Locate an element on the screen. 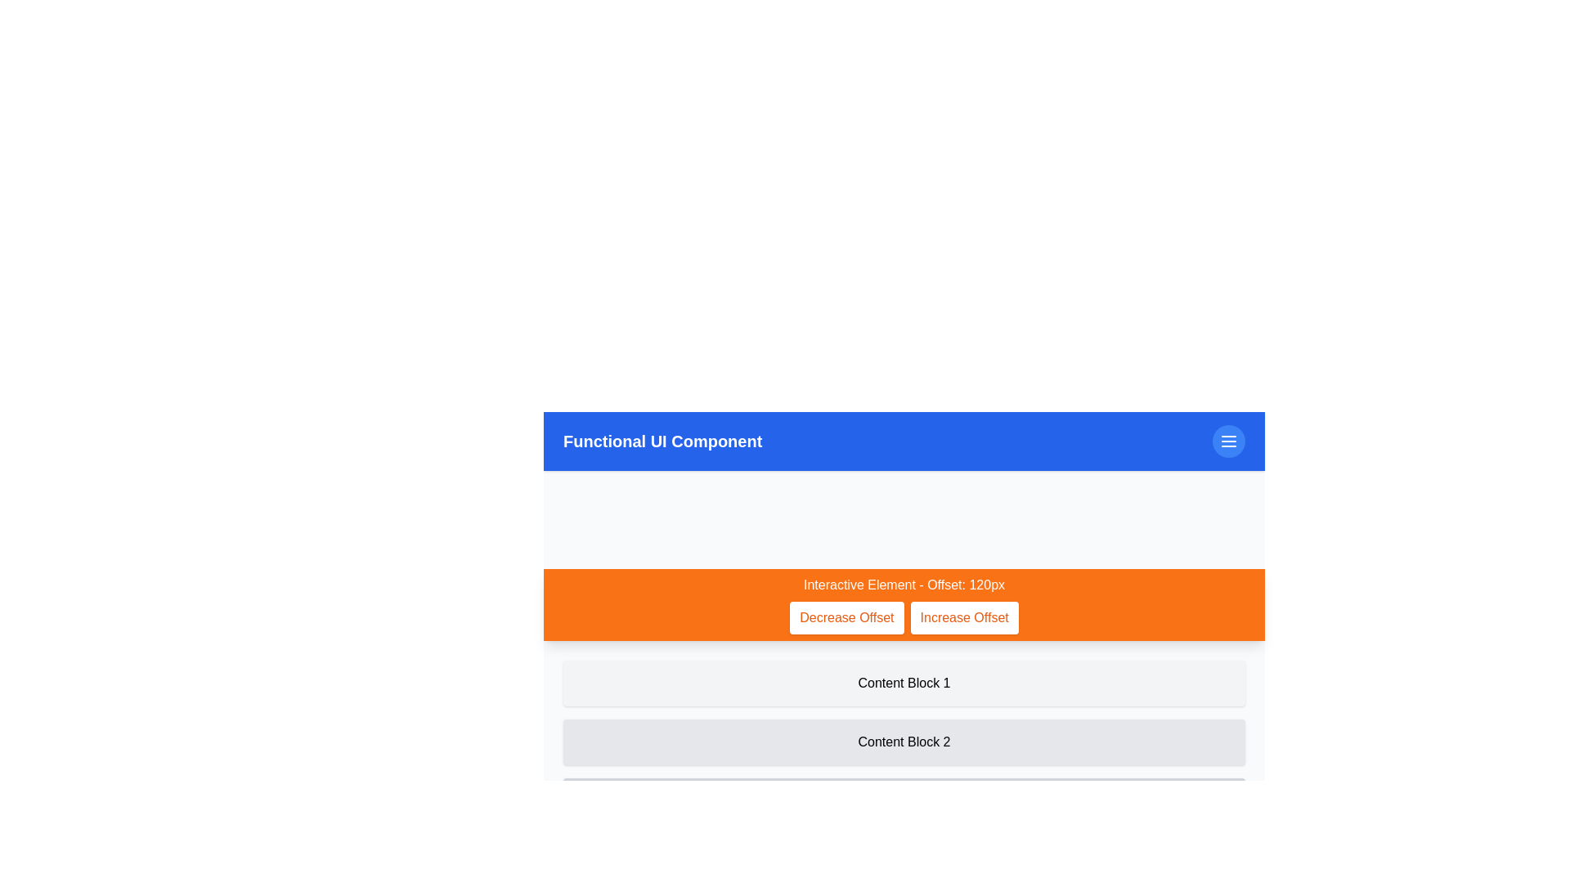 The image size is (1570, 883). the circular blue button with a white menu icon is located at coordinates (1228, 441).